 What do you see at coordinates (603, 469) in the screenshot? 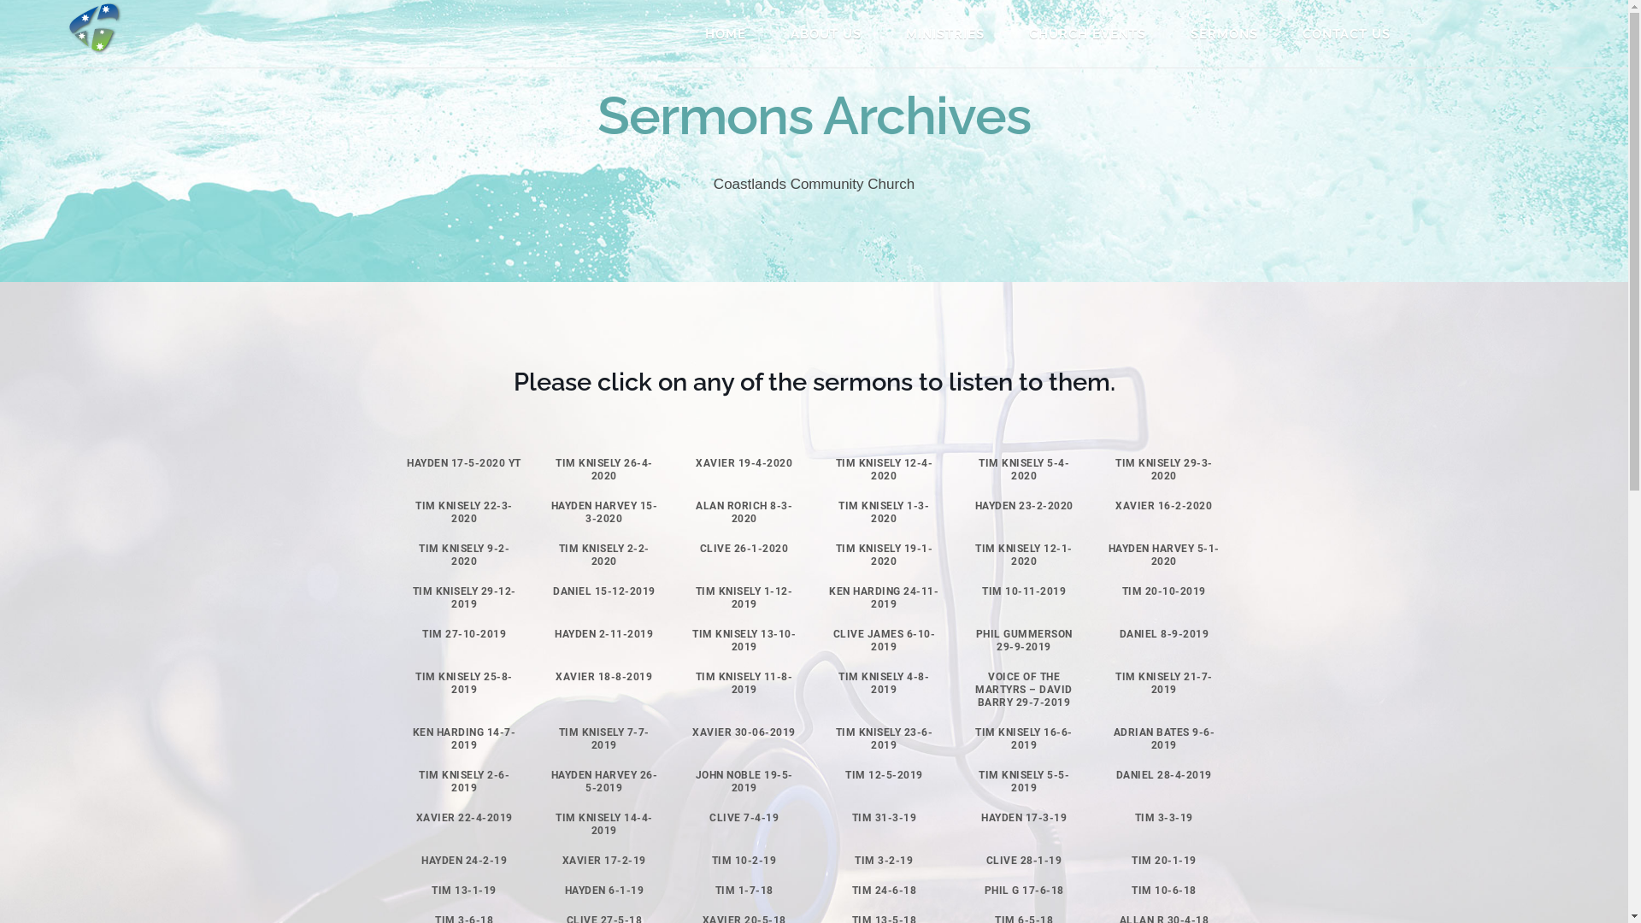
I see `'TIM KNISELY 26-4-2020'` at bounding box center [603, 469].